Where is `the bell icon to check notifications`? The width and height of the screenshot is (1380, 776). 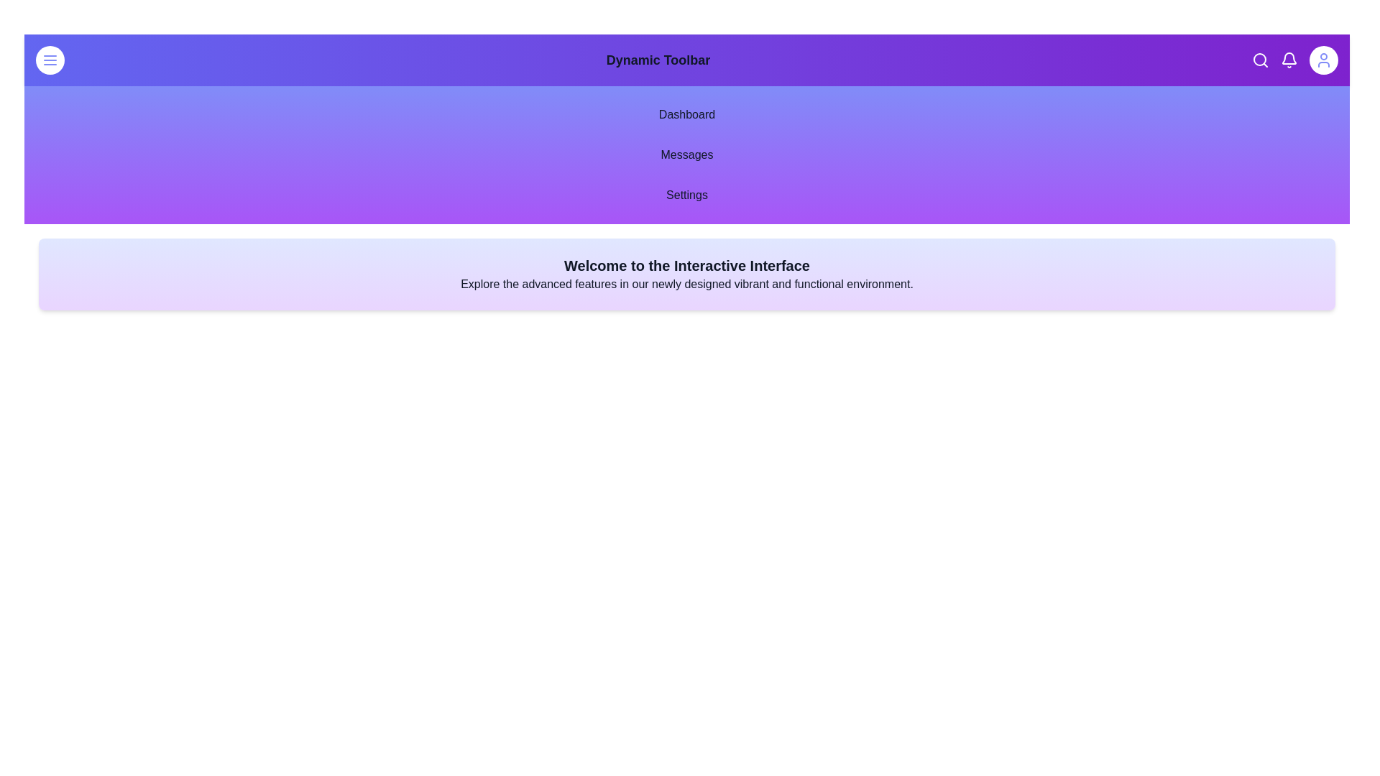 the bell icon to check notifications is located at coordinates (1289, 60).